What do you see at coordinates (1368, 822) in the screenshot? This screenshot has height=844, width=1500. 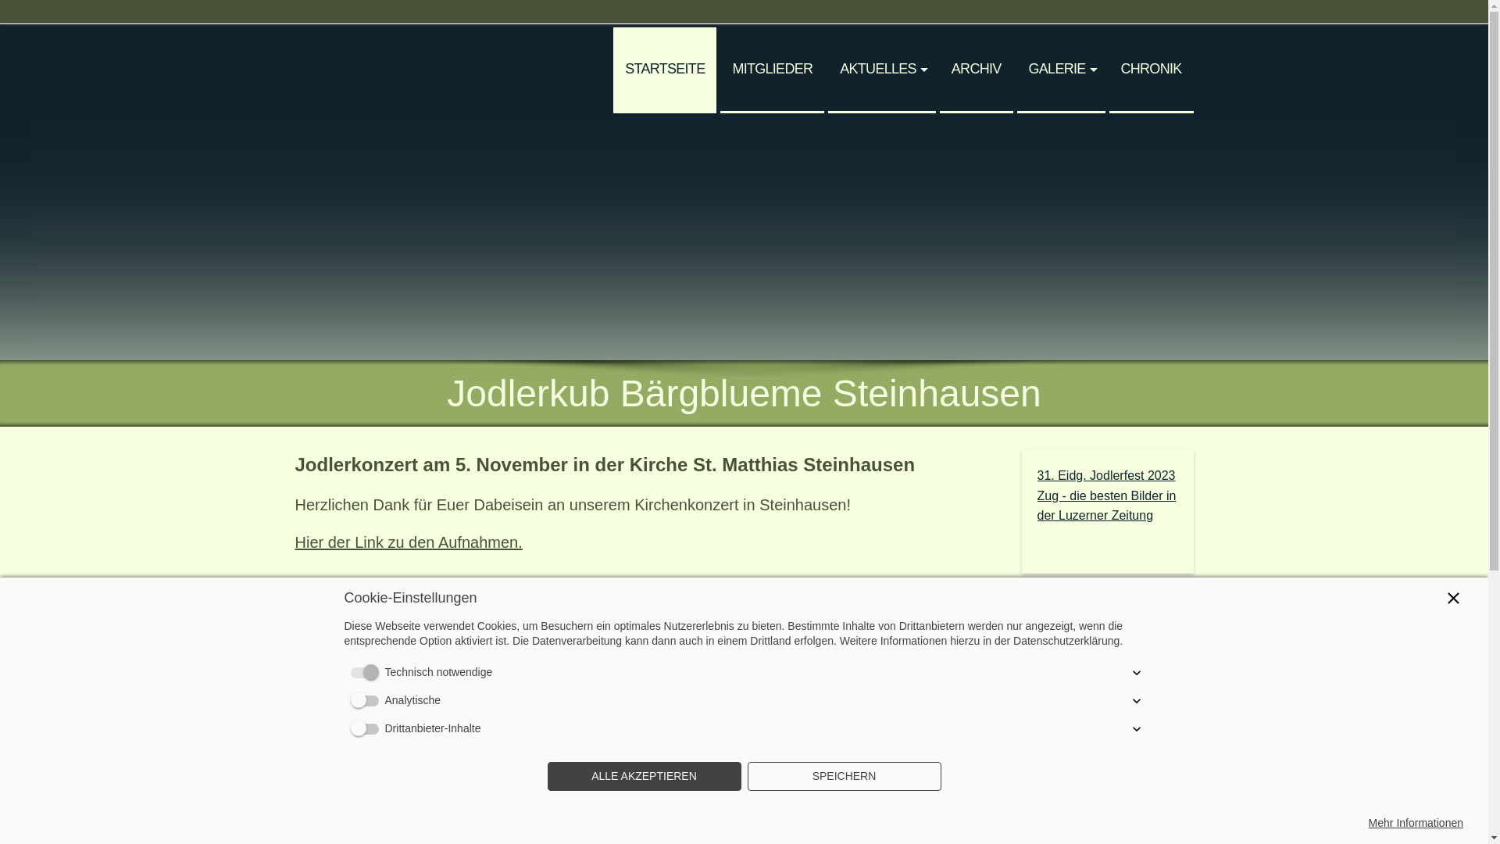 I see `'Mehr Informationen'` at bounding box center [1368, 822].